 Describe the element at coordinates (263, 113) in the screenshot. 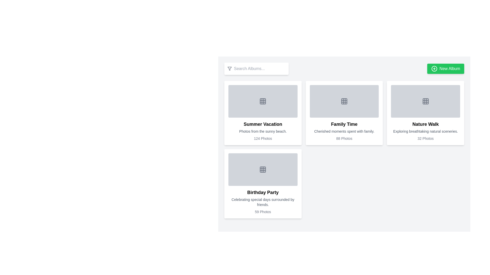

I see `the 'Summer Vacation' album card located at the top left of the grid layout` at that location.